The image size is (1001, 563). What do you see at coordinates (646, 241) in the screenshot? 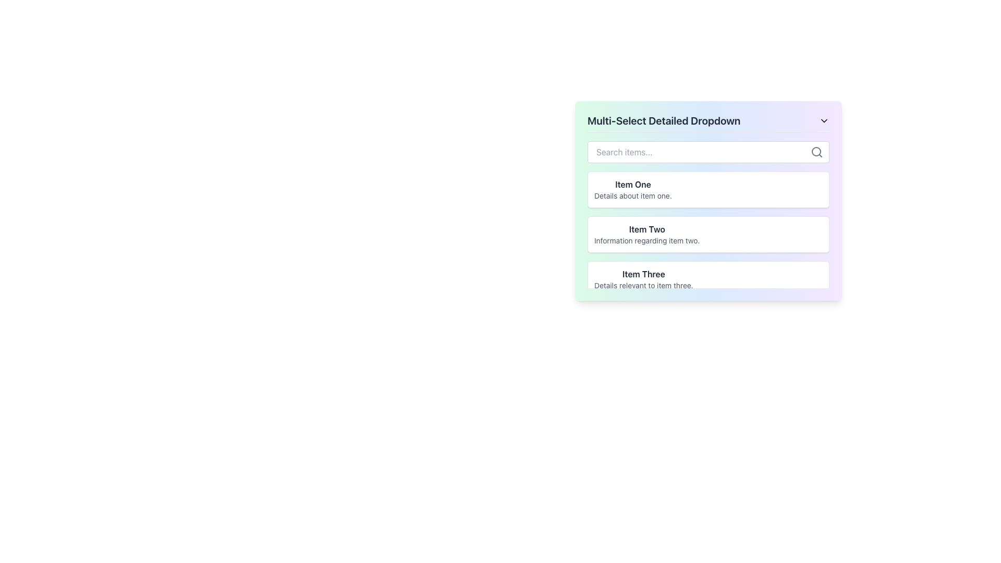
I see `the static text element that reads 'Information regarding item two,' which is styled in a small font size and gray color, located below the bolded title 'Item Two' in the dropdown interface` at bounding box center [646, 241].